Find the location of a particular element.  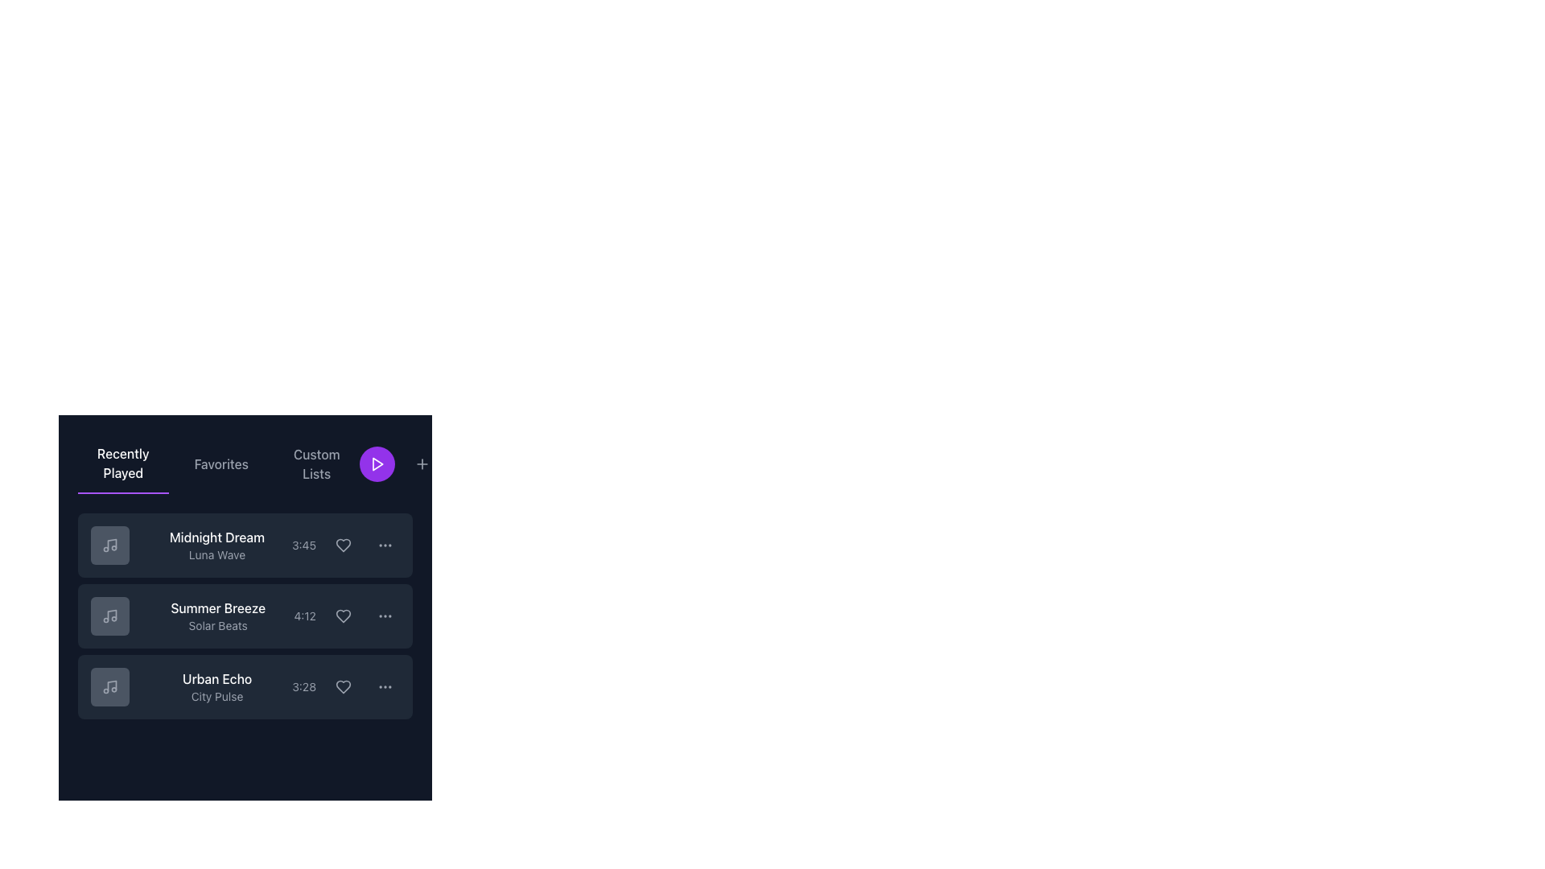

the text label displaying the title of a media item in the 'Recently Played' section, specifically located in the second row of the list, positioned between 'Midnight Dream' and 'Urban Echo' is located at coordinates (217, 608).